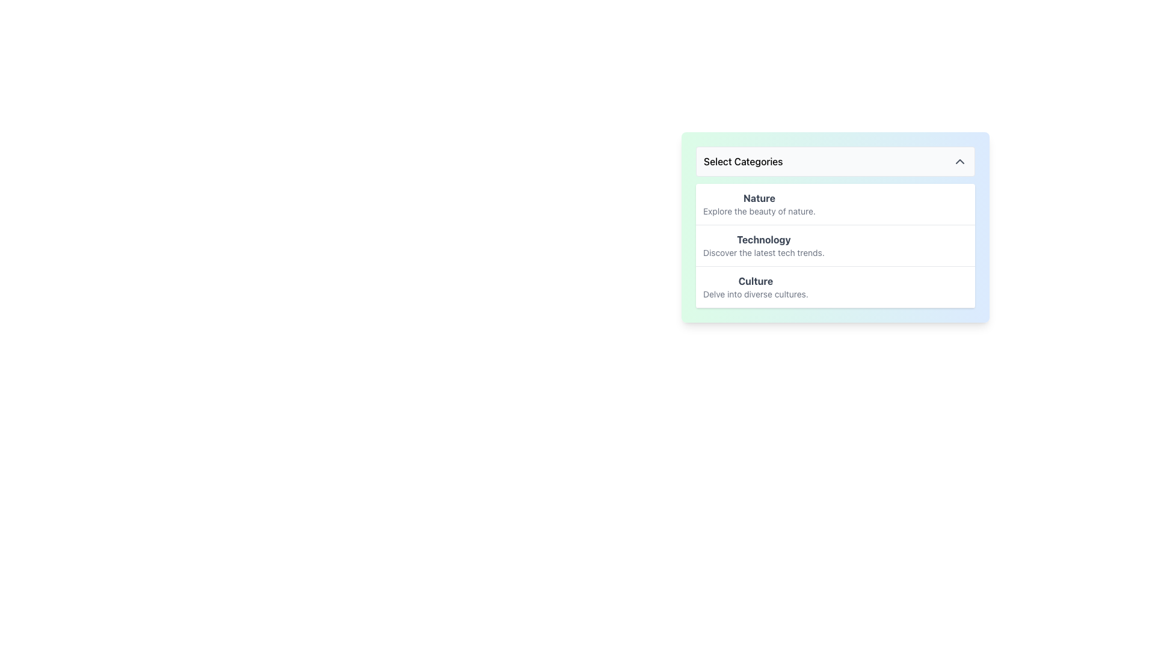 The width and height of the screenshot is (1155, 649). I want to click on the Text Label that provides descriptive information about the 'Nature' category, located directly below the 'Nature' heading in the card-like structure, which is positioned in the center-right portion of the interface, so click(759, 210).